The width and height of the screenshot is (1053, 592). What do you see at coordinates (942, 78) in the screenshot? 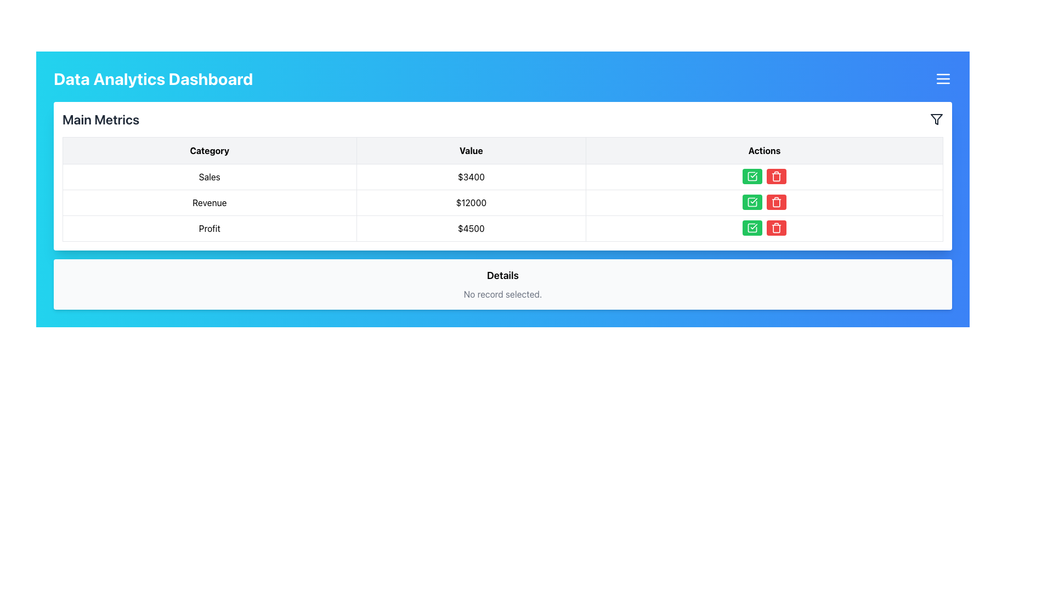
I see `the menu trigger button located in the top-right corner of the interface` at bounding box center [942, 78].